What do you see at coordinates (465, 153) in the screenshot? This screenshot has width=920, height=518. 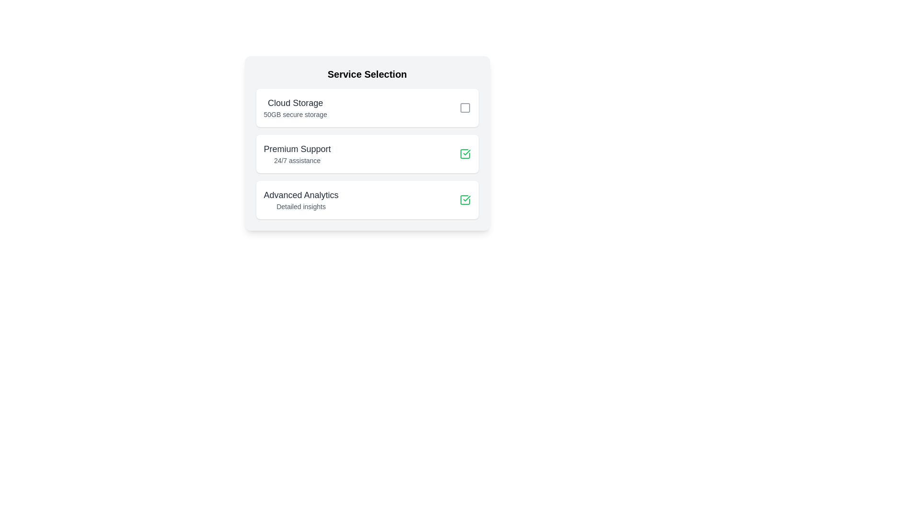 I see `the green checkmark icon inside the square outline` at bounding box center [465, 153].